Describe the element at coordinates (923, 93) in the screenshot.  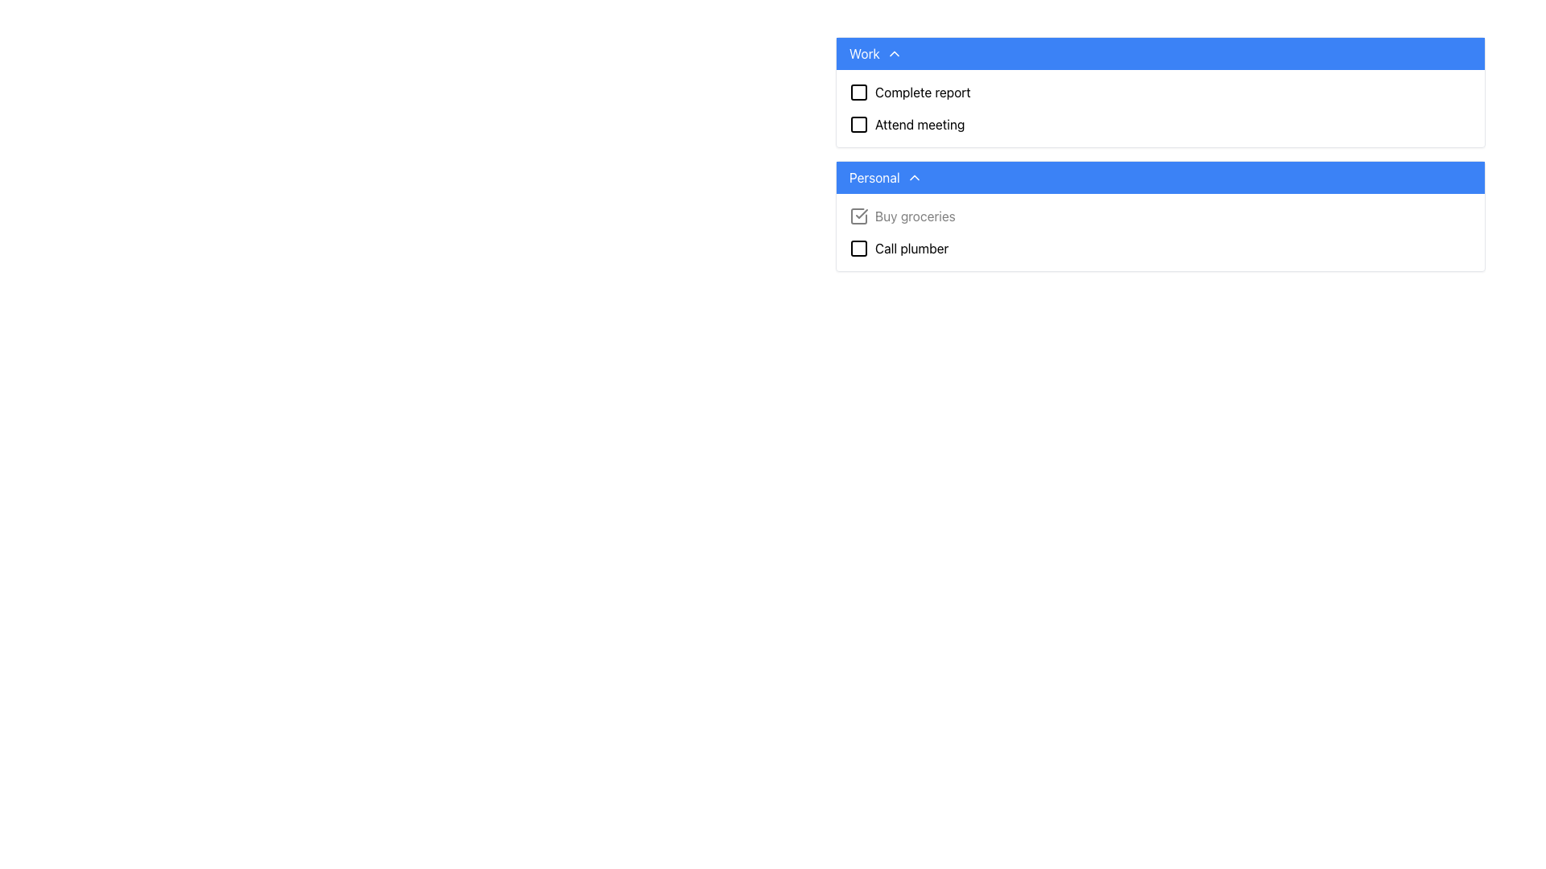
I see `the associated checkbox` at that location.